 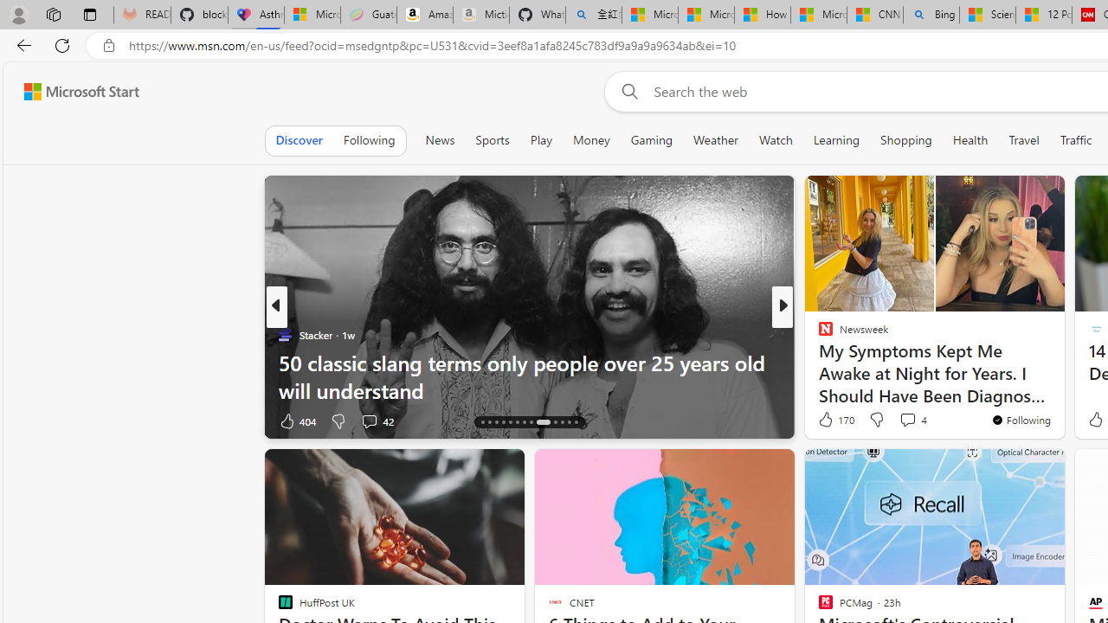 What do you see at coordinates (1021, 420) in the screenshot?
I see `'You'` at bounding box center [1021, 420].